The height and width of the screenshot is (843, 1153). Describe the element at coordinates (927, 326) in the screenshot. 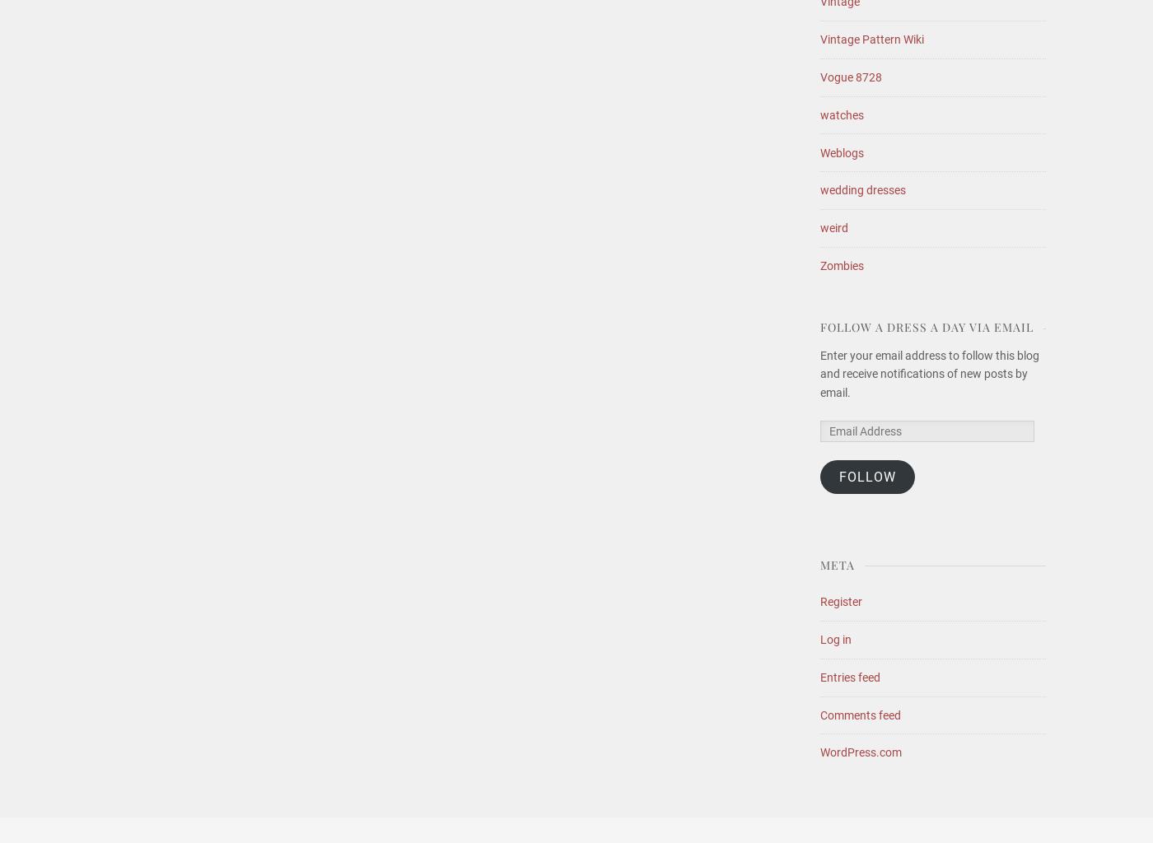

I see `'Follow A Dress A Day via Email'` at that location.